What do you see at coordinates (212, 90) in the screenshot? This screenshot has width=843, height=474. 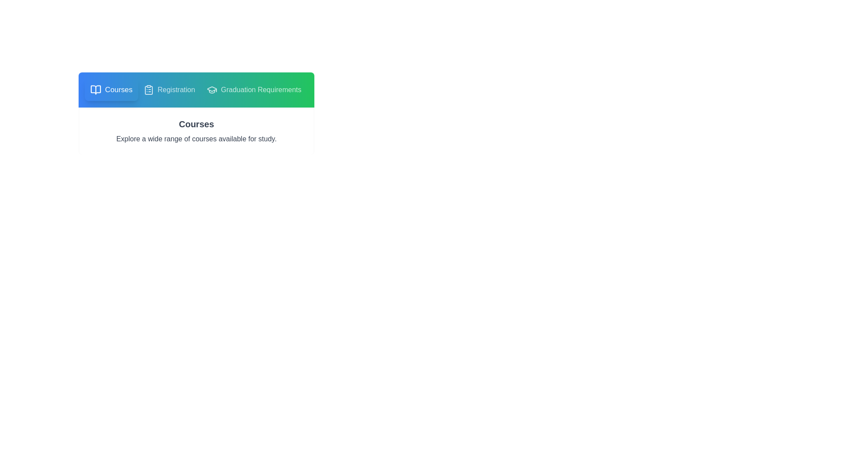 I see `the icon of the Graduation Requirements tab` at bounding box center [212, 90].